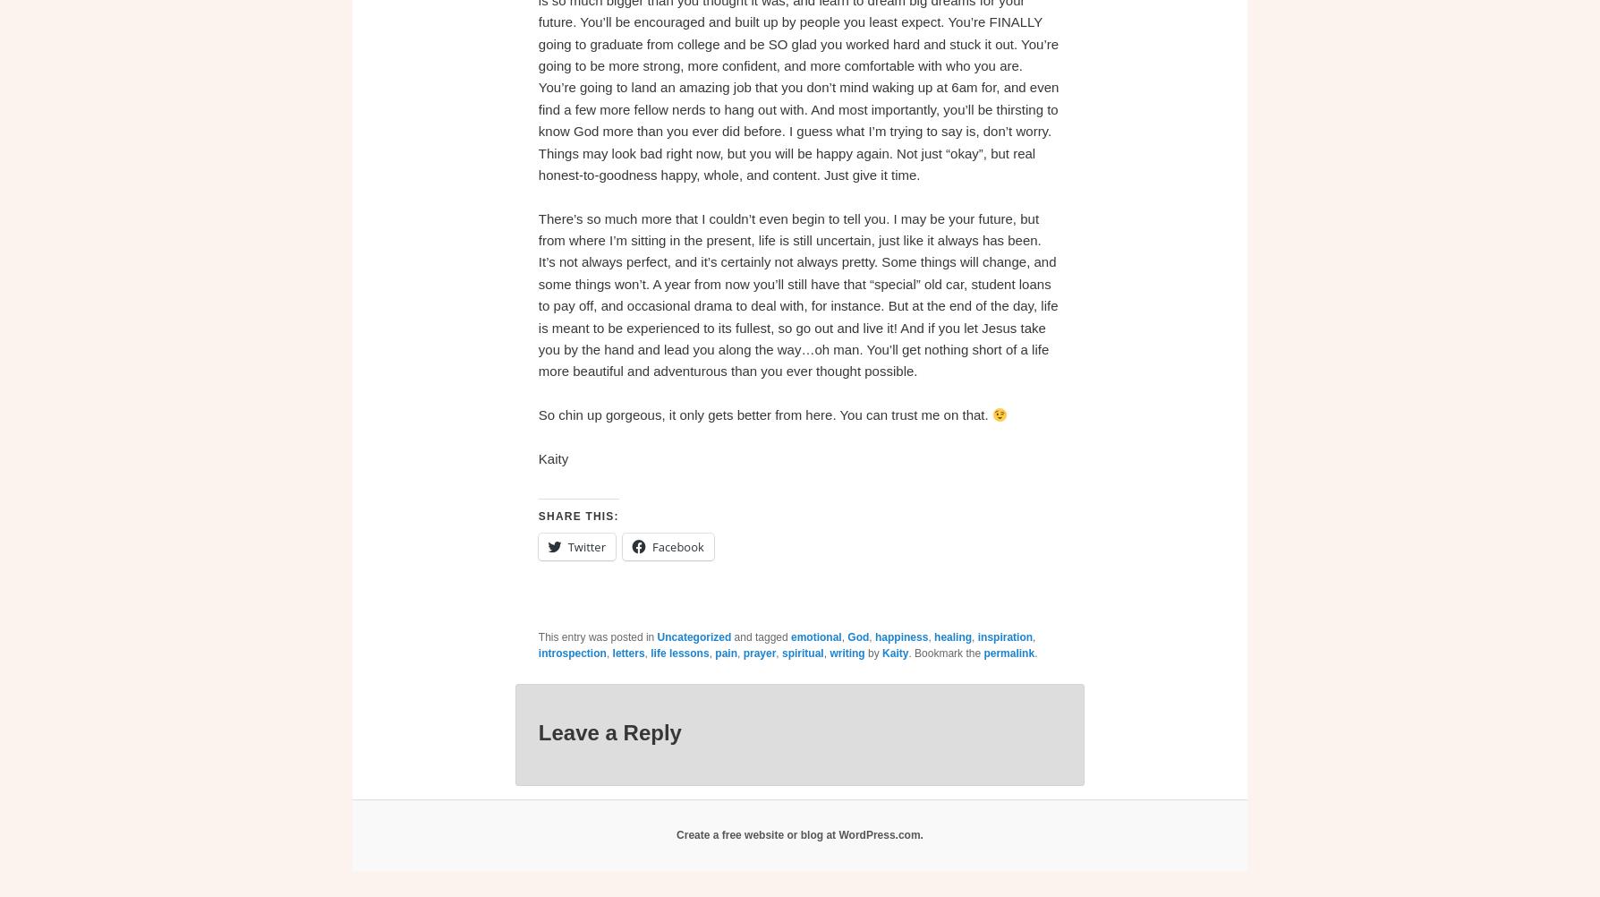 This screenshot has height=897, width=1600. Describe the element at coordinates (901, 637) in the screenshot. I see `'happiness'` at that location.